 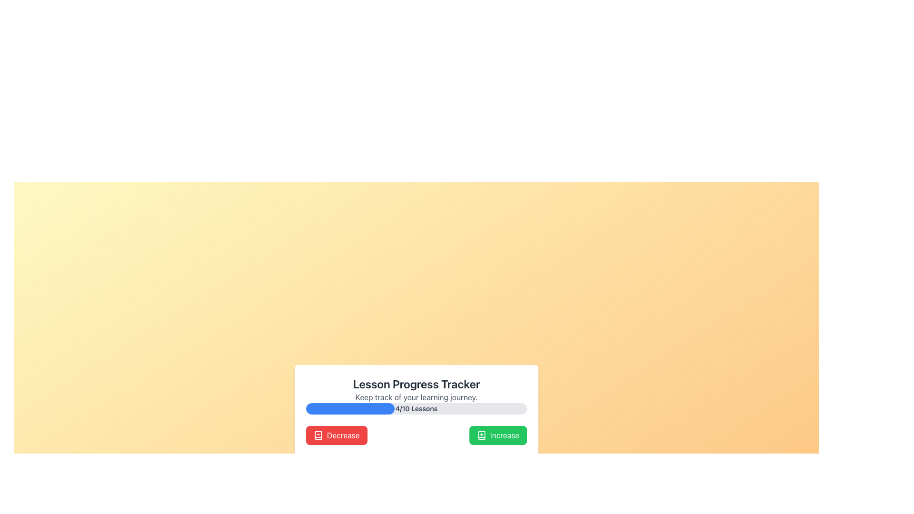 What do you see at coordinates (349, 408) in the screenshot?
I see `the blue progress bar that represents 40% completion in the 'Lesson Progress Tracker'` at bounding box center [349, 408].